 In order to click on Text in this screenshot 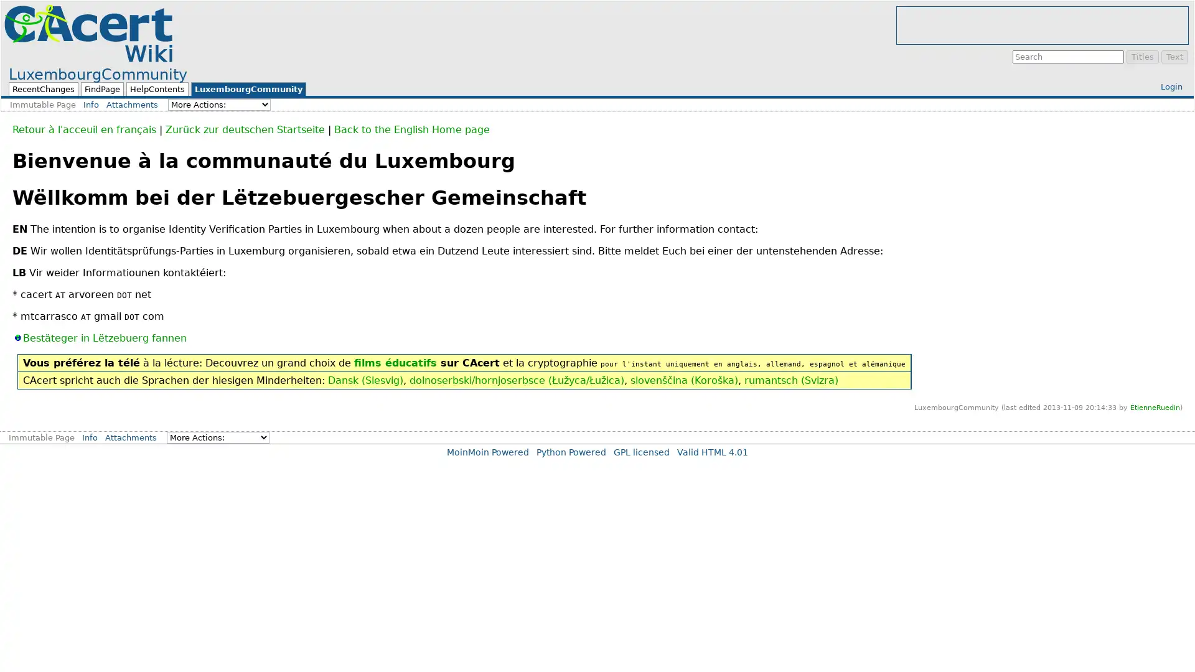, I will do `click(1174, 57)`.